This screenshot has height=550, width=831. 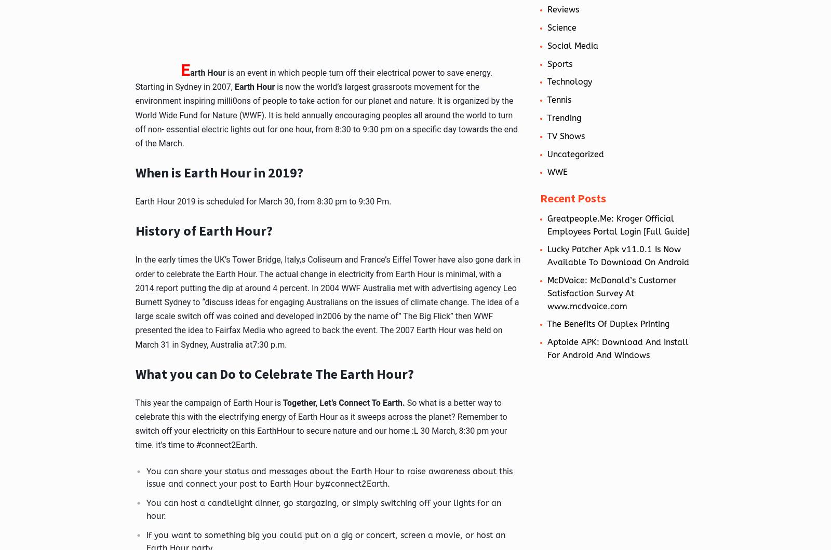 I want to click on 'In the early times the UK’s Tower Bridge, Italy,s Coliseum and France’s Eiffel Tower have also gone dark in order to celebrate the Earth Hour. The actual change in electricity from Earth Hour is minimal, with a 2014 report putting the dip at around 4 percent. In 2004 WWF Australia met with advertising agency Leo Burnett Sydney to “discuss ideas for engaging Australians on the issues of climate change. The idea of a large scale switch off was coined and developed in2006 by the name of” The Big Flick” then WWF presented the idea to Fairfax Media who agreed to back the event. The 2007 Earth Hour was held on March 31 in Sydney, Australia at7:30 p.m.', so click(x=328, y=302).